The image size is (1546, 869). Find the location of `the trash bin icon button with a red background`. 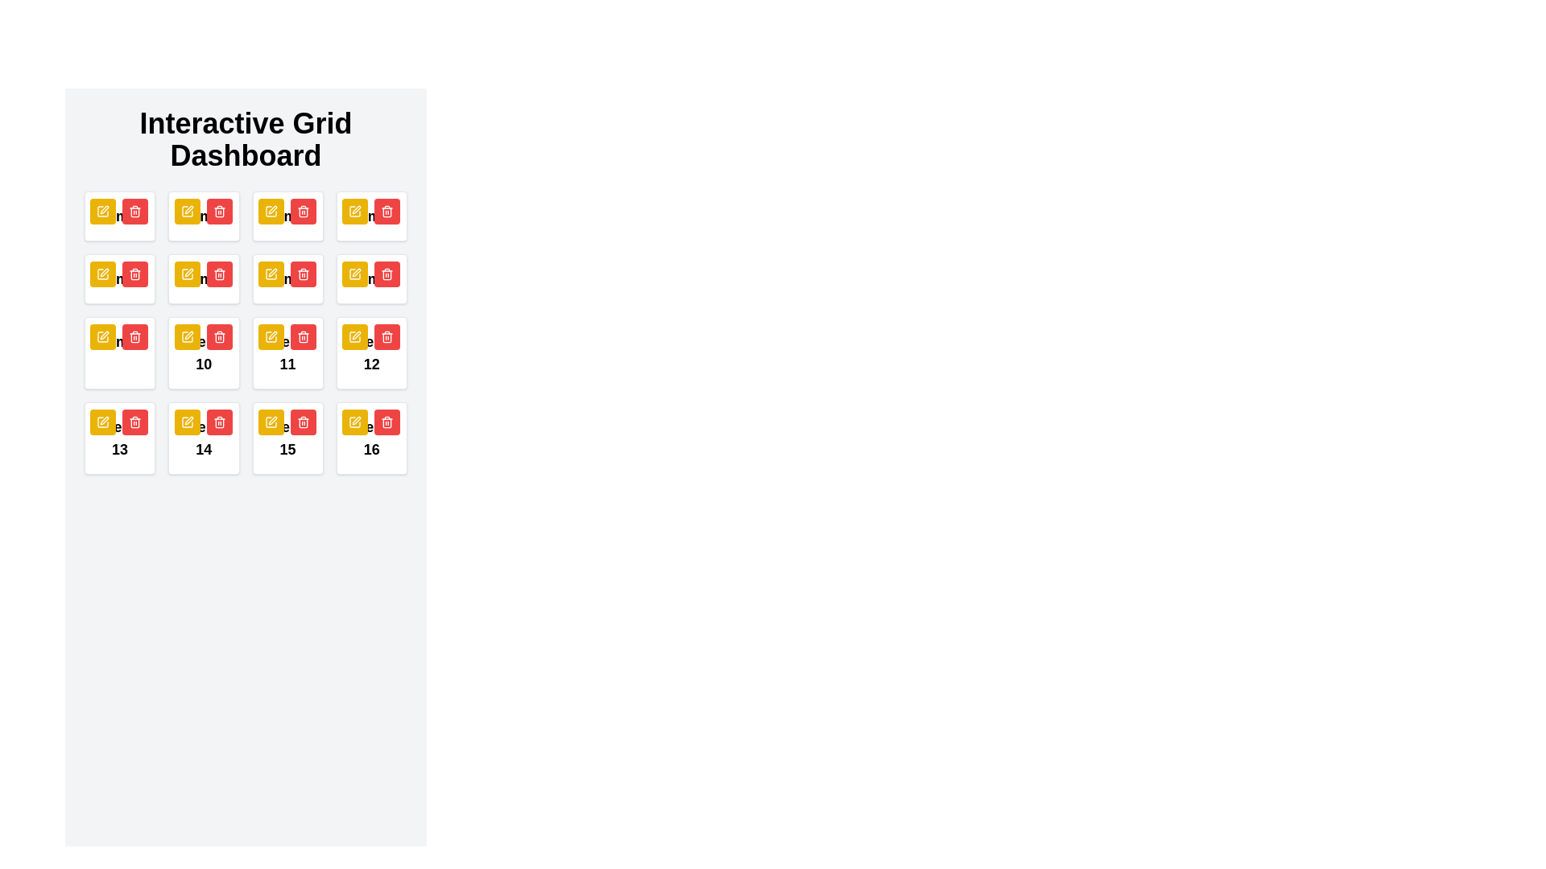

the trash bin icon button with a red background is located at coordinates (303, 421).